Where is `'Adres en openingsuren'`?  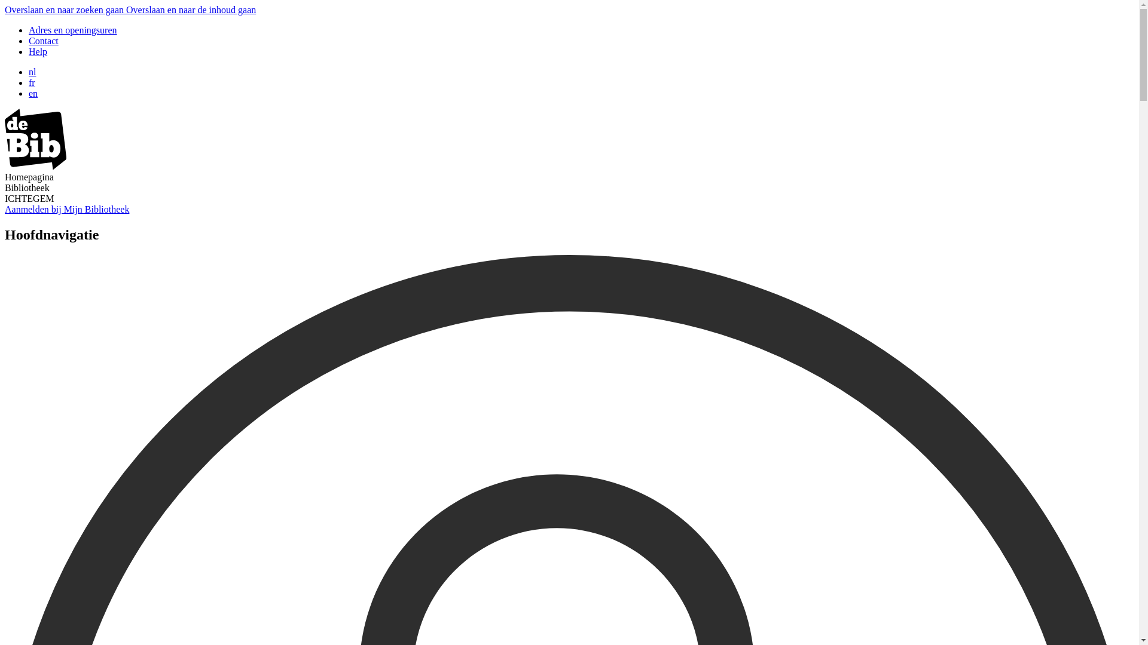 'Adres en openingsuren' is located at coordinates (29, 29).